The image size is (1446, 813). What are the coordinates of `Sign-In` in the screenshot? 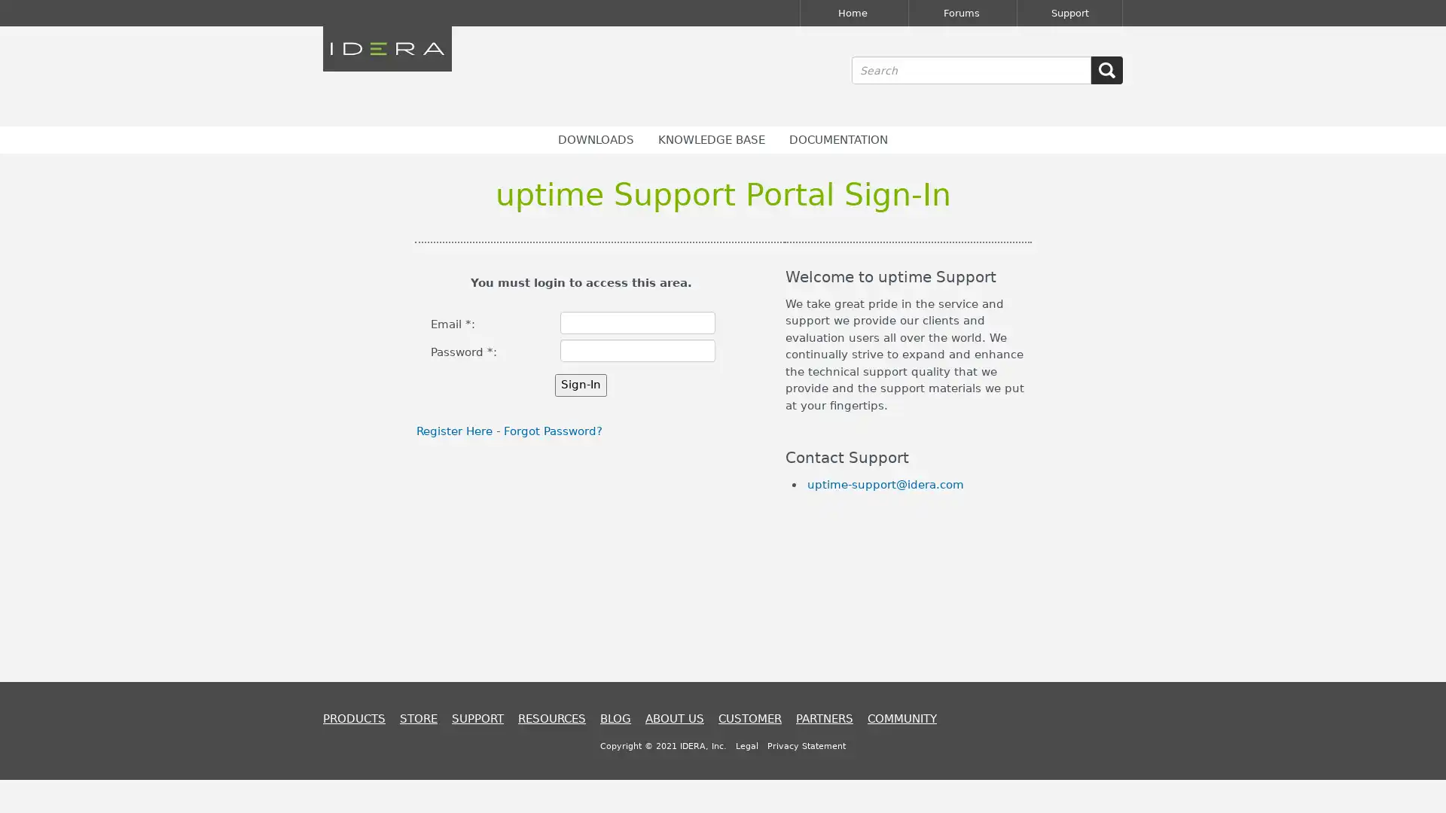 It's located at (580, 383).